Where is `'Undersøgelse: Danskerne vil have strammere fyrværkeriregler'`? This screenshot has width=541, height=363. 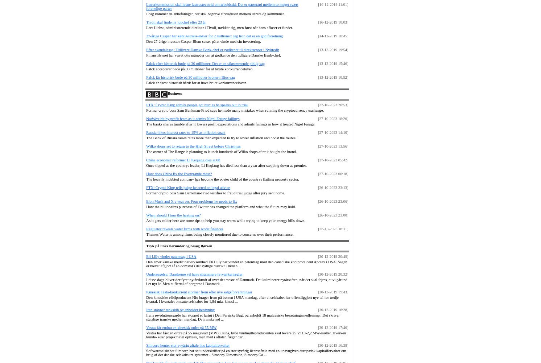 'Undersøgelse: Danskerne vil have strammere fyrværkeriregler' is located at coordinates (145, 274).